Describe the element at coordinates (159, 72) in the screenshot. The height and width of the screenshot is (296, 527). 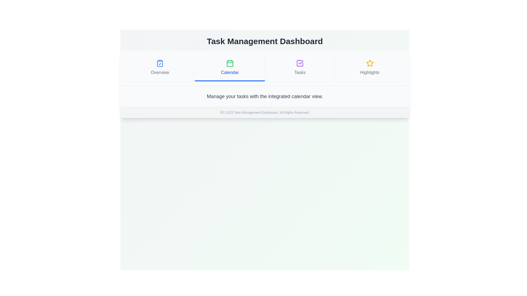
I see `text label located in the first menu item of the horizontal navigation bar beneath the 'Task Management Dashboard' title, aligned under the clipboard icon` at that location.